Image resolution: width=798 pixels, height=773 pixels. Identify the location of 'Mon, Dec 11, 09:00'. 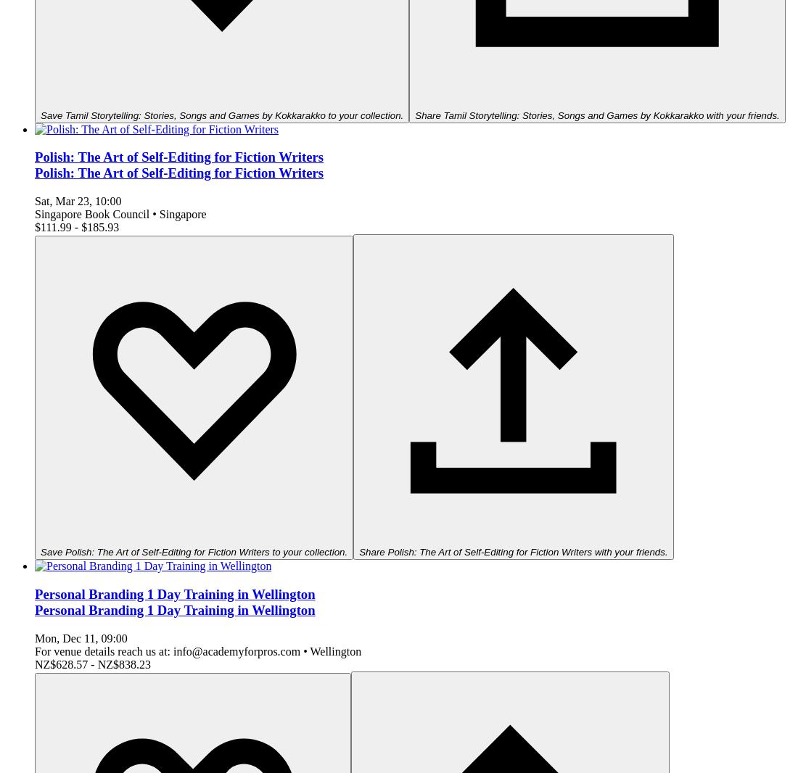
(81, 637).